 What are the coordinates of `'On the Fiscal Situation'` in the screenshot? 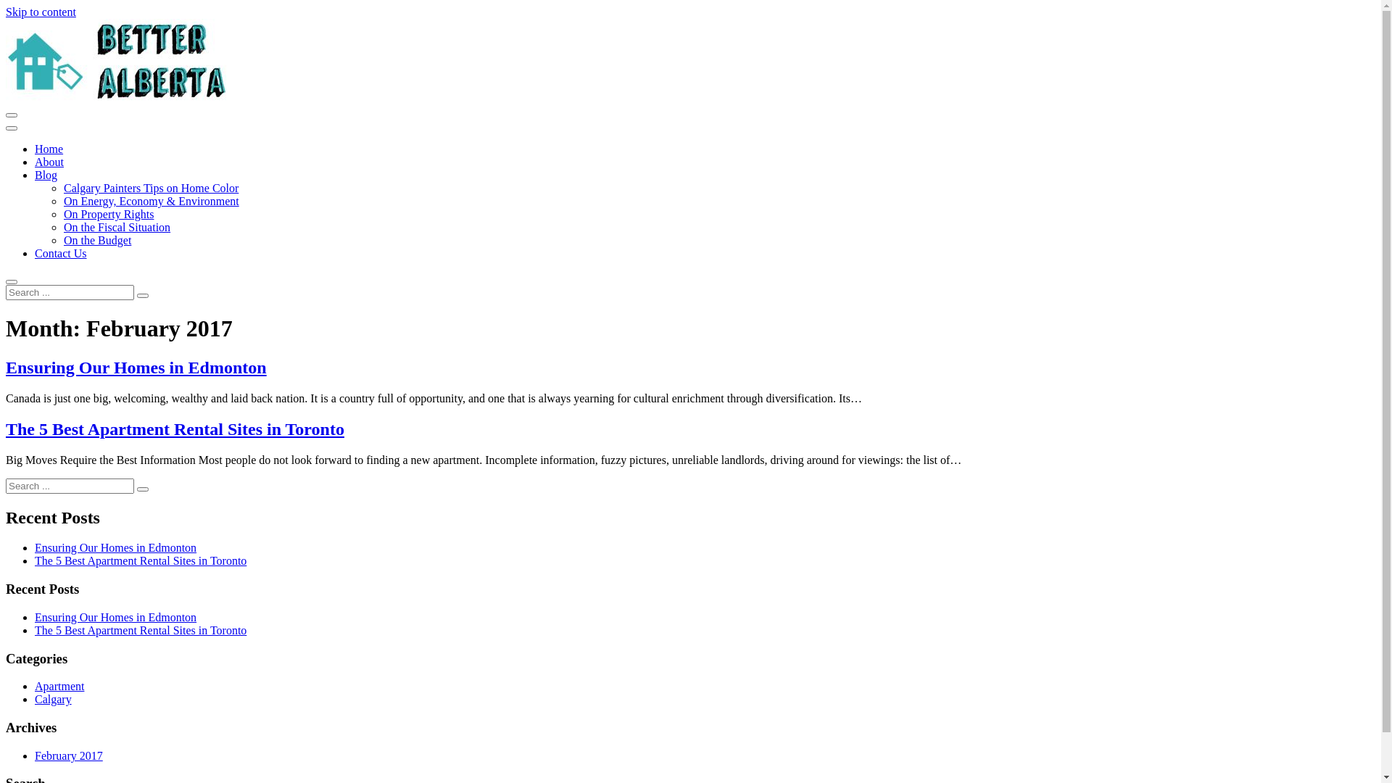 It's located at (117, 227).